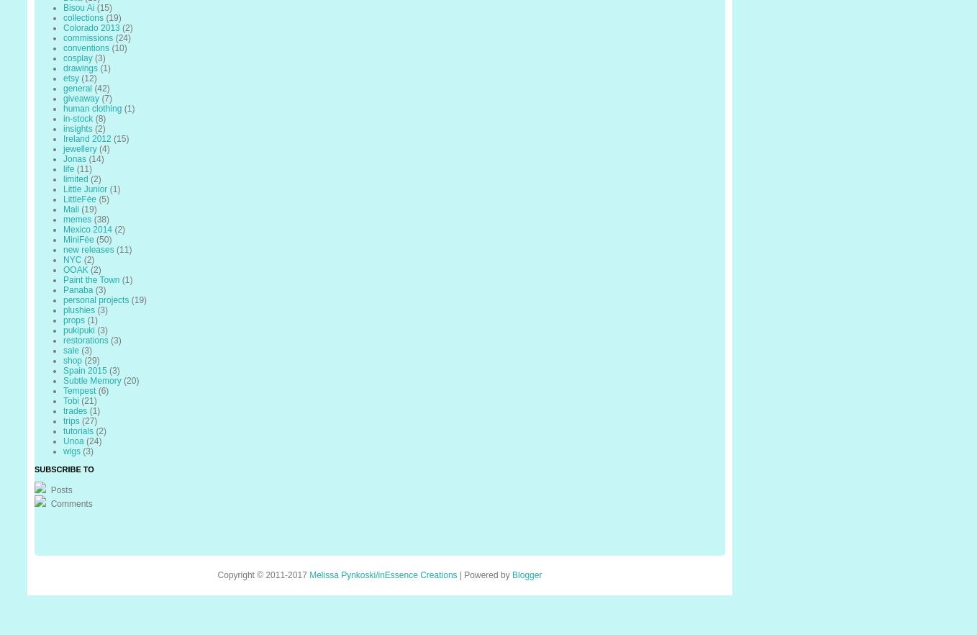  I want to click on 'Colorado 2013', so click(90, 27).